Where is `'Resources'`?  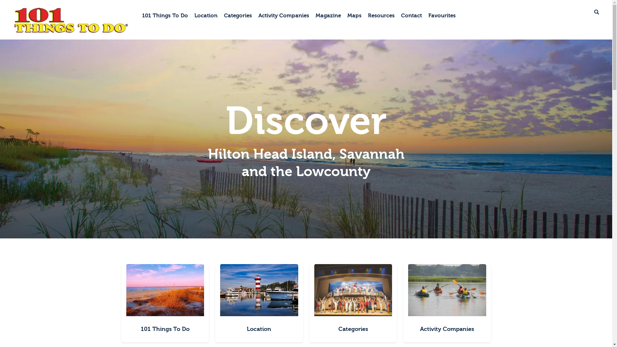 'Resources' is located at coordinates (381, 15).